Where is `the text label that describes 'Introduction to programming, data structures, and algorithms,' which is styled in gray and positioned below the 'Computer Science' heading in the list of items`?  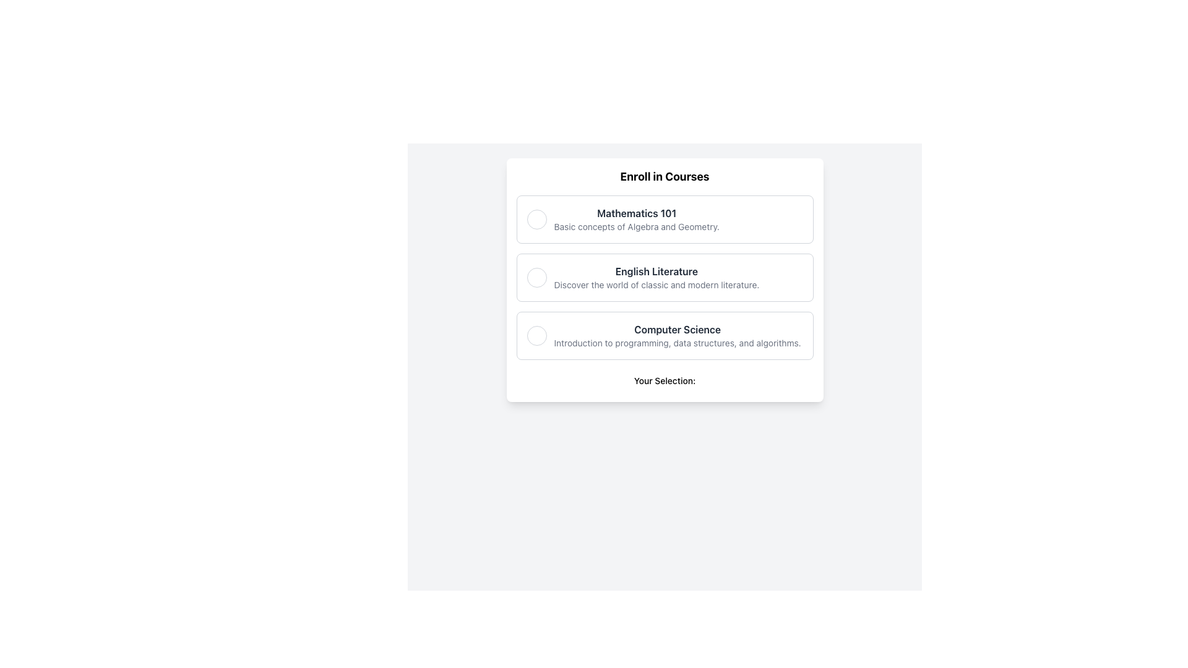
the text label that describes 'Introduction to programming, data structures, and algorithms,' which is styled in gray and positioned below the 'Computer Science' heading in the list of items is located at coordinates (677, 343).